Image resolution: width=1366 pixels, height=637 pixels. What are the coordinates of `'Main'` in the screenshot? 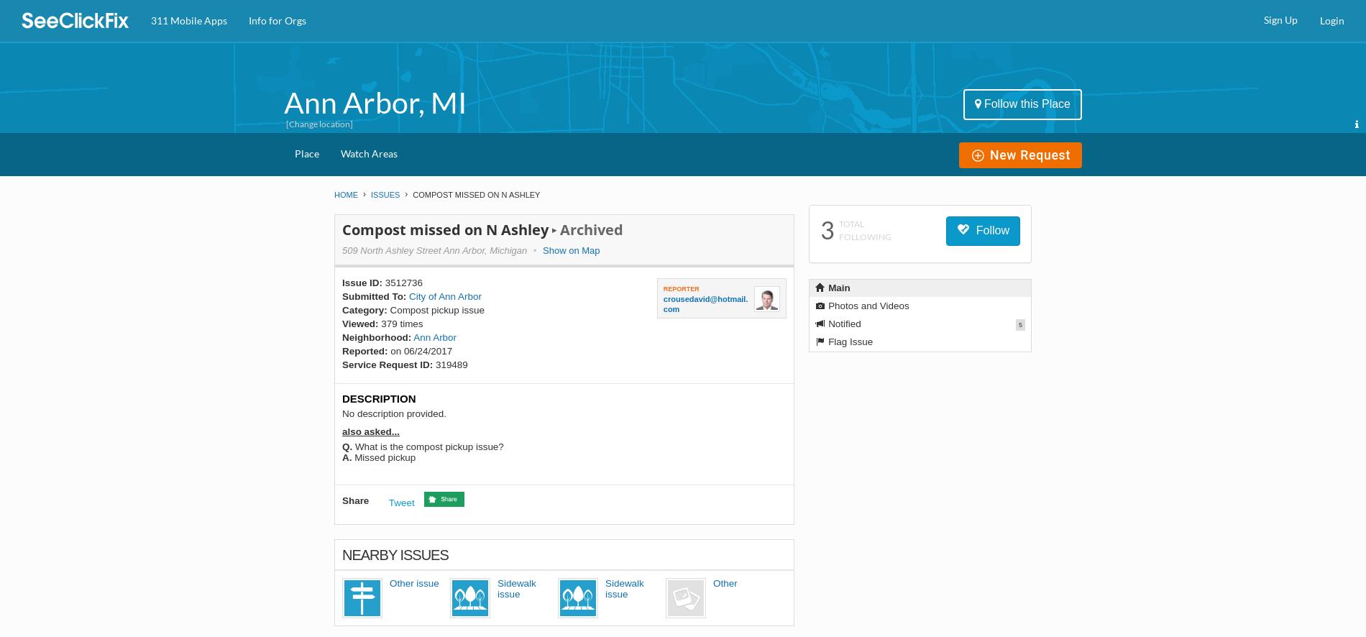 It's located at (838, 287).